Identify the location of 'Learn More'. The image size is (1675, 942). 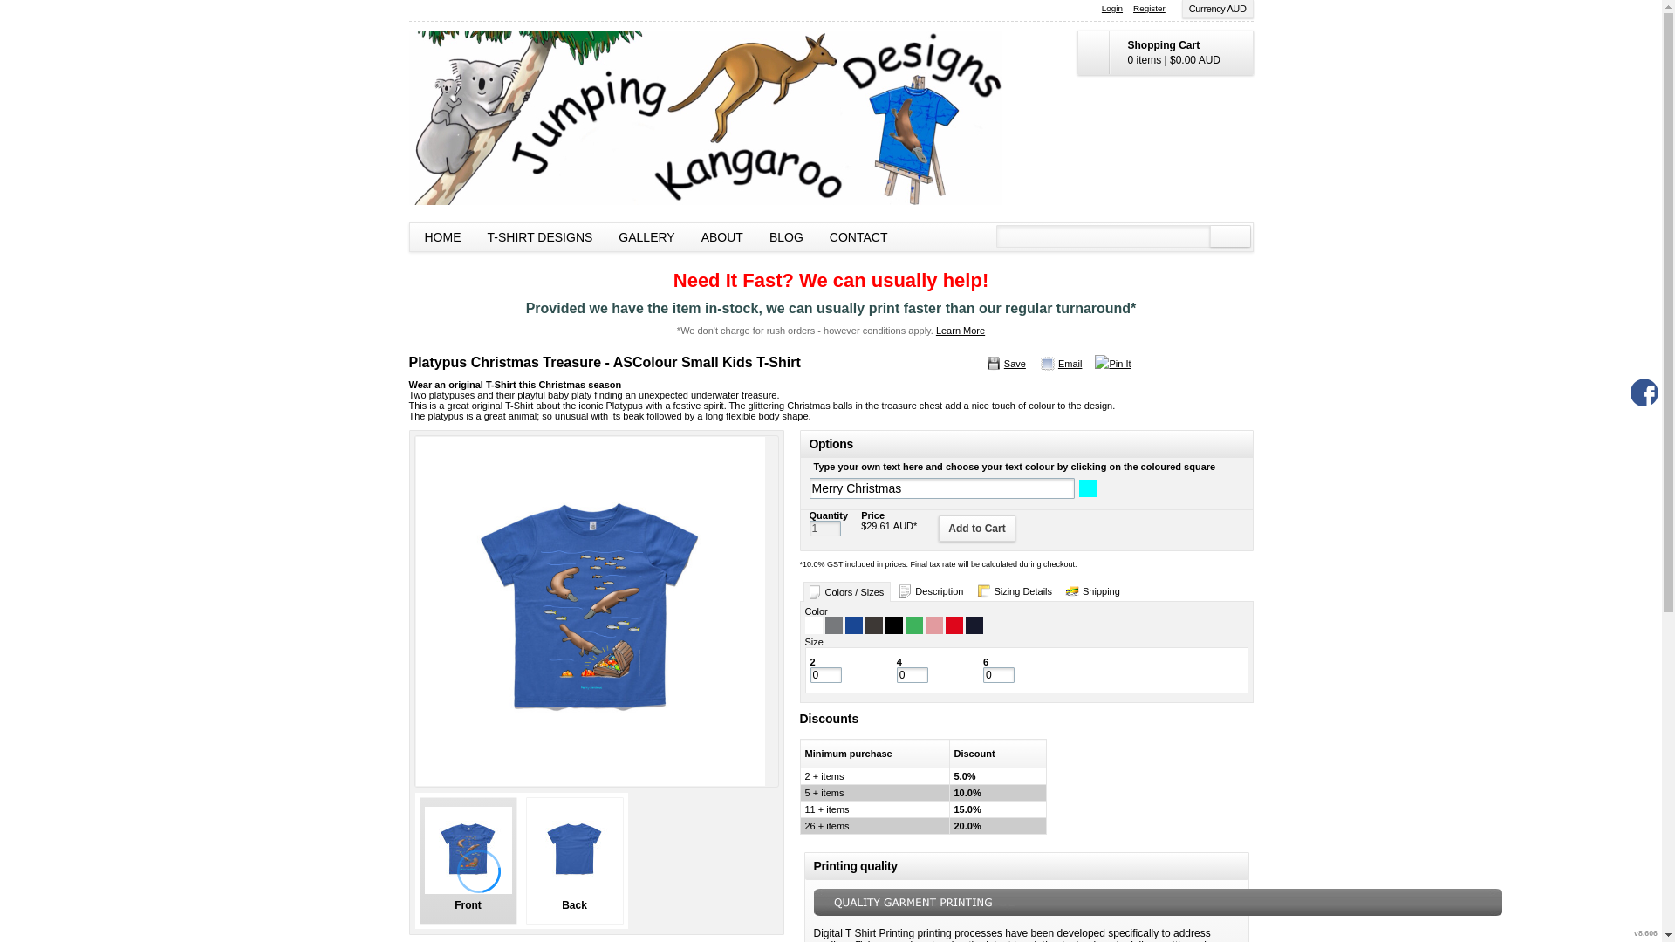
(959, 330).